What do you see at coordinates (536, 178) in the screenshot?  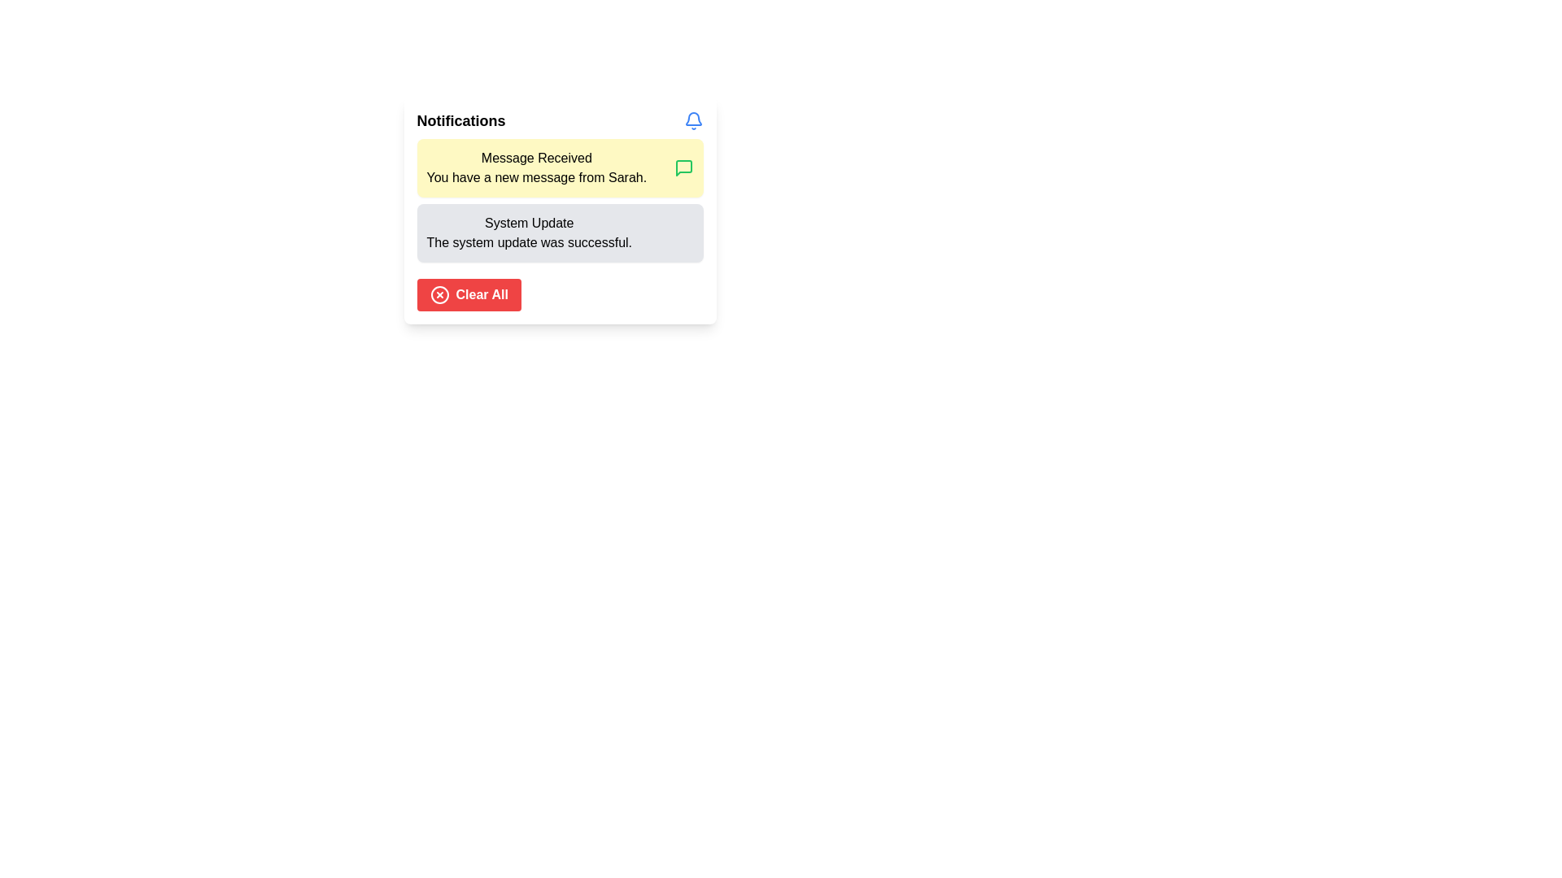 I see `the text label that provides detailed information about the notification titled 'Message Received', which is centrally aligned within the yellow-highlighted notification card` at bounding box center [536, 178].